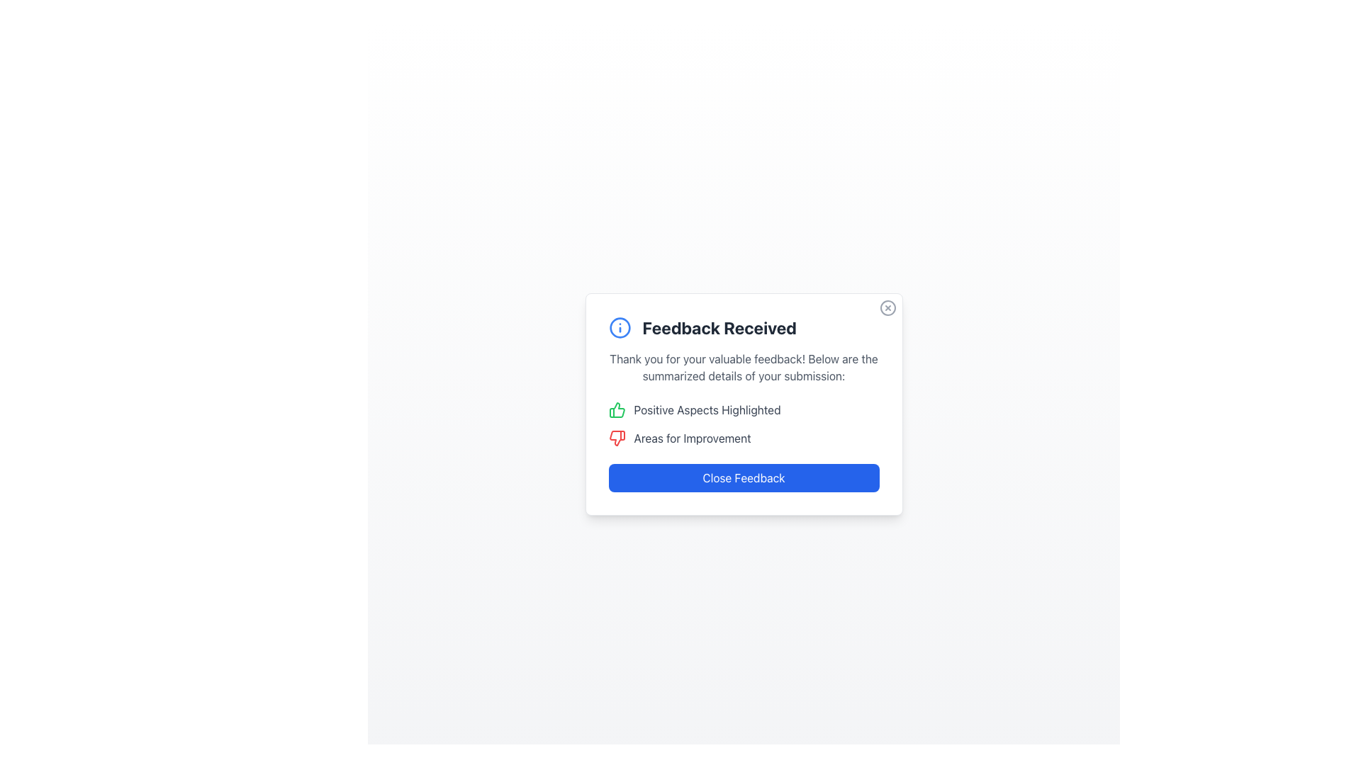 Image resolution: width=1361 pixels, height=765 pixels. Describe the element at coordinates (743, 367) in the screenshot. I see `the Text block that provides textual feedback and guidance, situated beneath the 'Feedback Received' header and above the sections 'Positive Aspects Highlighted' and 'Areas for Improvement'` at that location.